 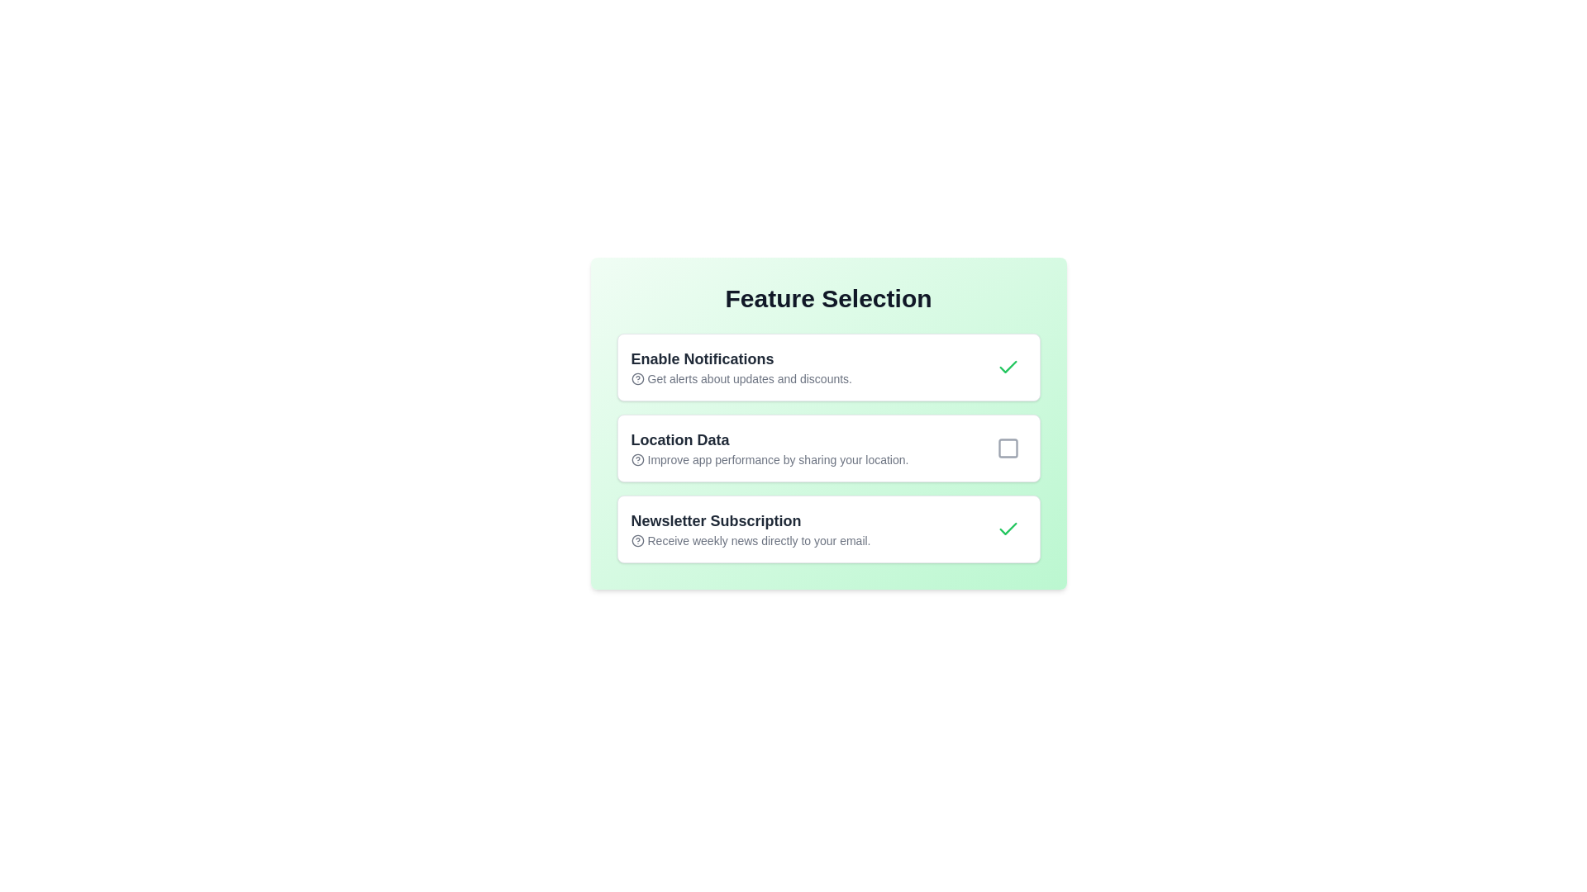 What do you see at coordinates (636, 379) in the screenshot?
I see `the Help Icon located to the left of the text 'Get alerts about updates and discounts.' within the 'Enable Notifications' section` at bounding box center [636, 379].